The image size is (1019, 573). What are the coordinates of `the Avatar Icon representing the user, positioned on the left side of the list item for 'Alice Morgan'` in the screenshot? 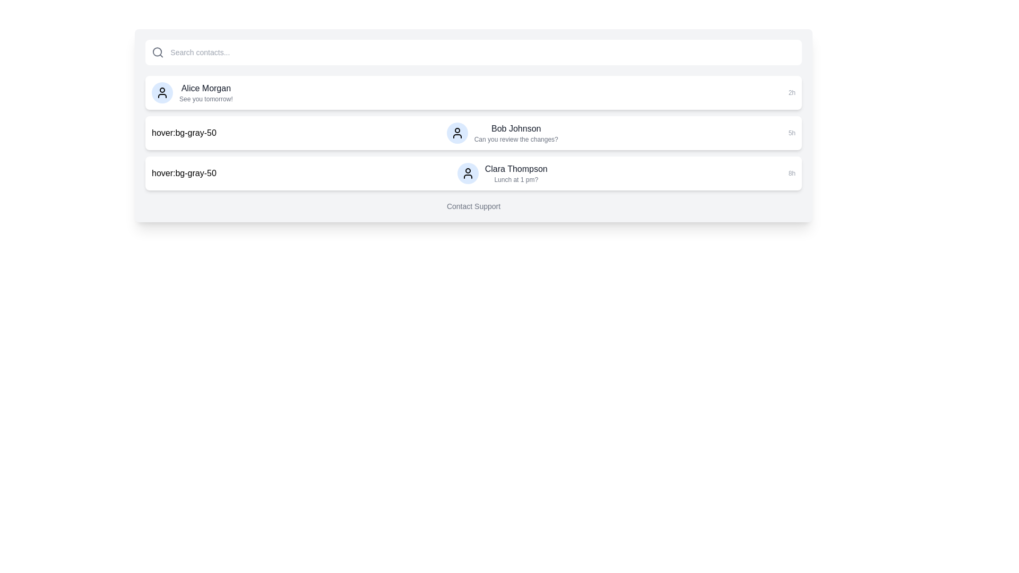 It's located at (162, 92).